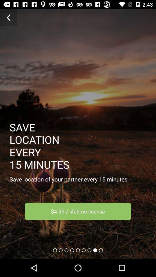 Image resolution: width=156 pixels, height=277 pixels. Describe the element at coordinates (8, 18) in the screenshot. I see `the icon above save location every item` at that location.